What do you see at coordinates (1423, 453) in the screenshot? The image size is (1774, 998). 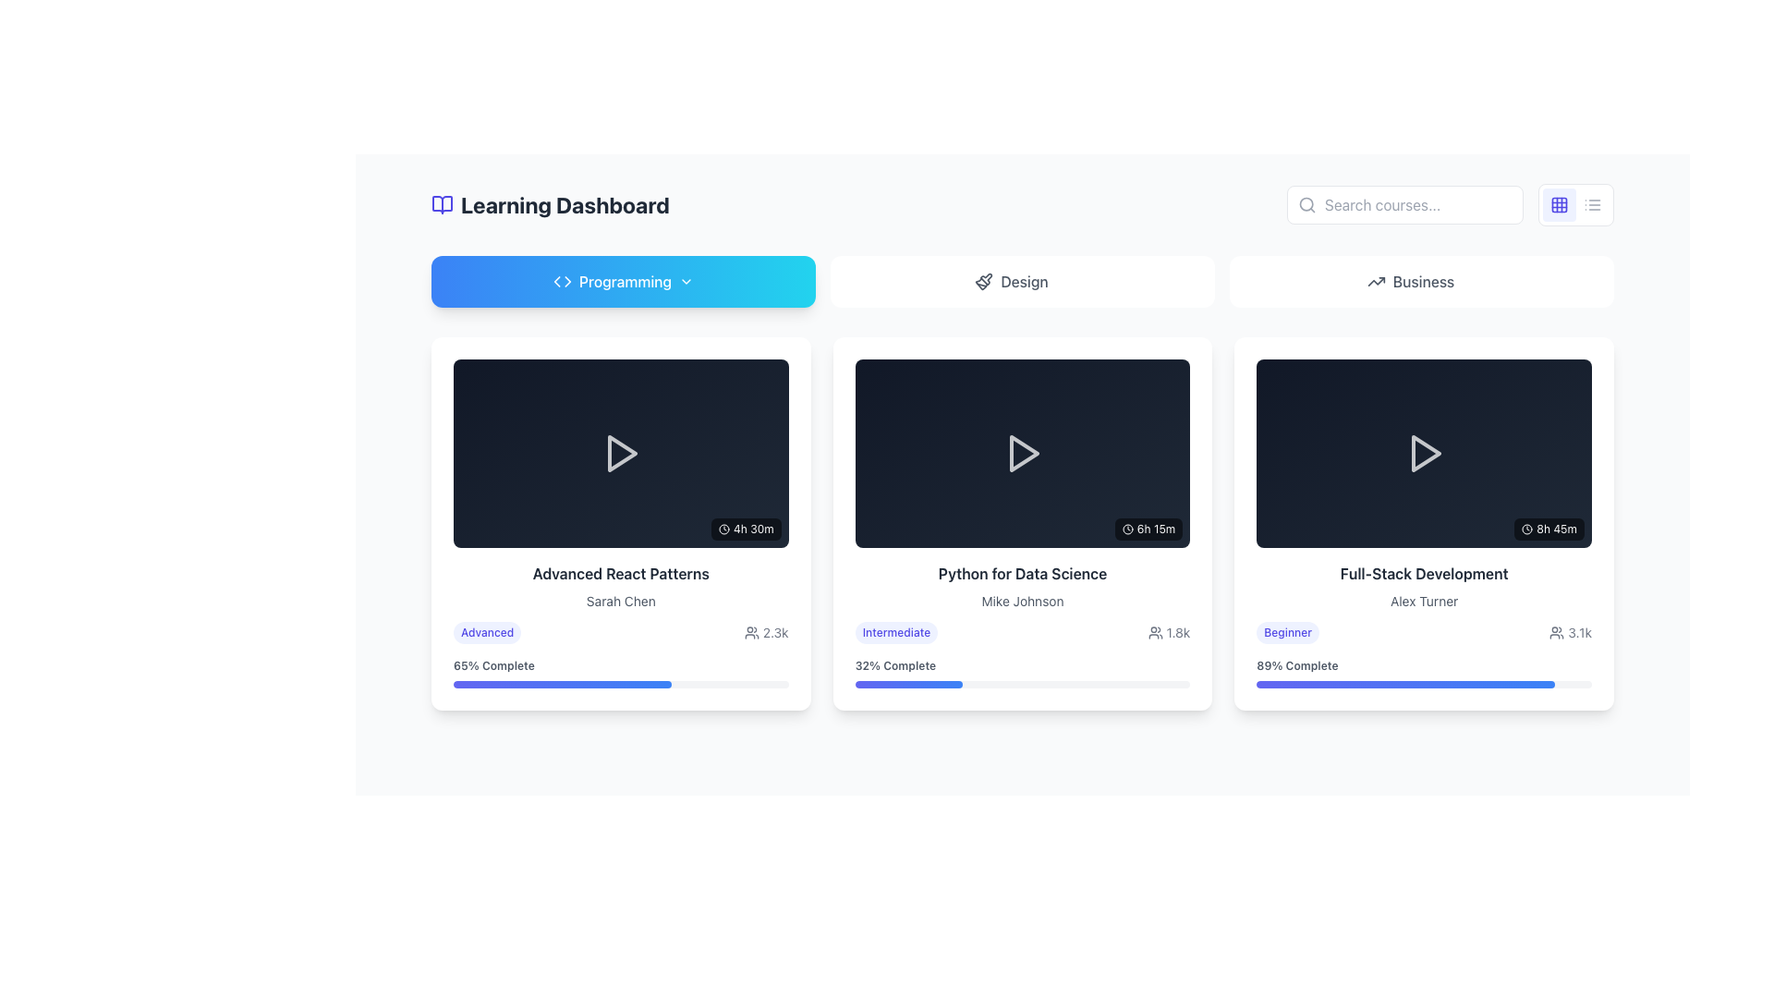 I see `the play button located at the bottom right of the 'Programming' section in the 'Full-Stack Development' card to change its opacity` at bounding box center [1423, 453].